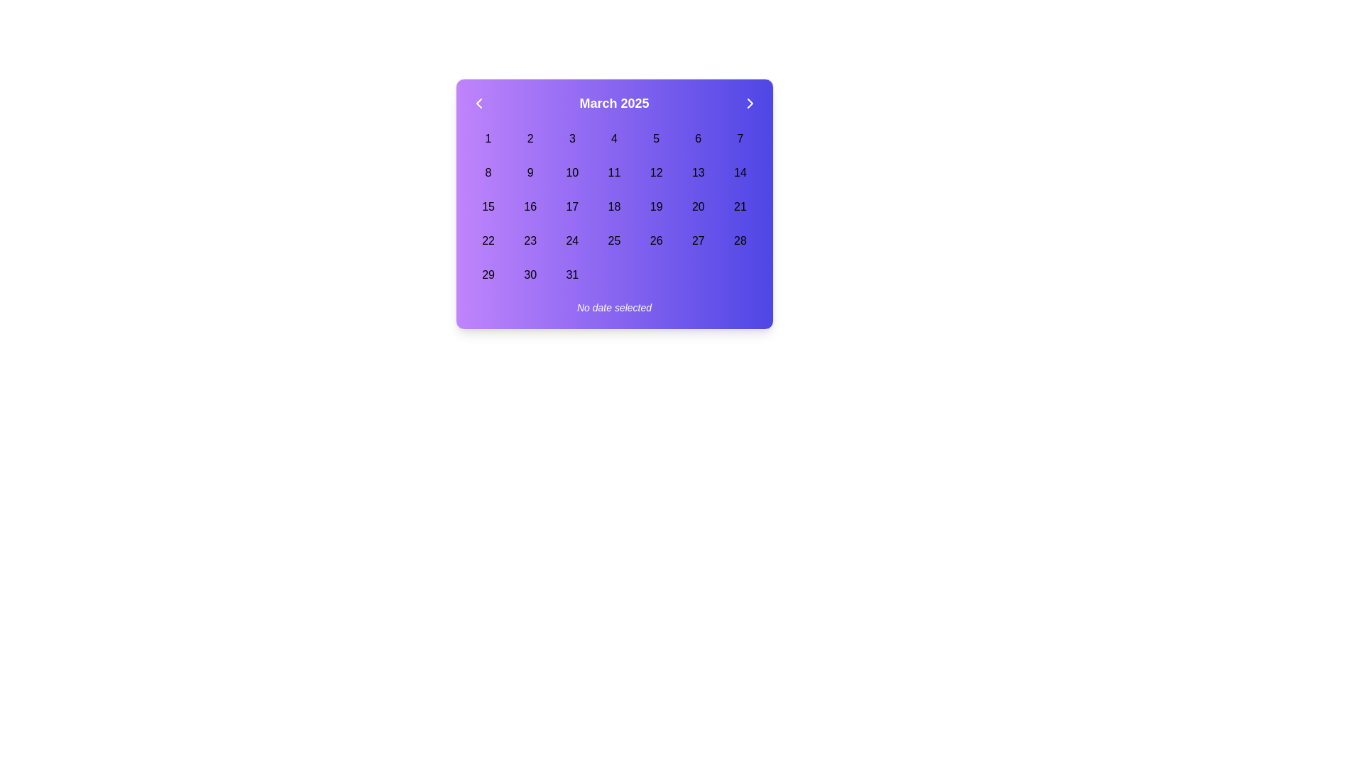 Image resolution: width=1363 pixels, height=766 pixels. Describe the element at coordinates (614, 207) in the screenshot. I see `the button representing the eighteenth day of March 2025 in the calendar interface` at that location.